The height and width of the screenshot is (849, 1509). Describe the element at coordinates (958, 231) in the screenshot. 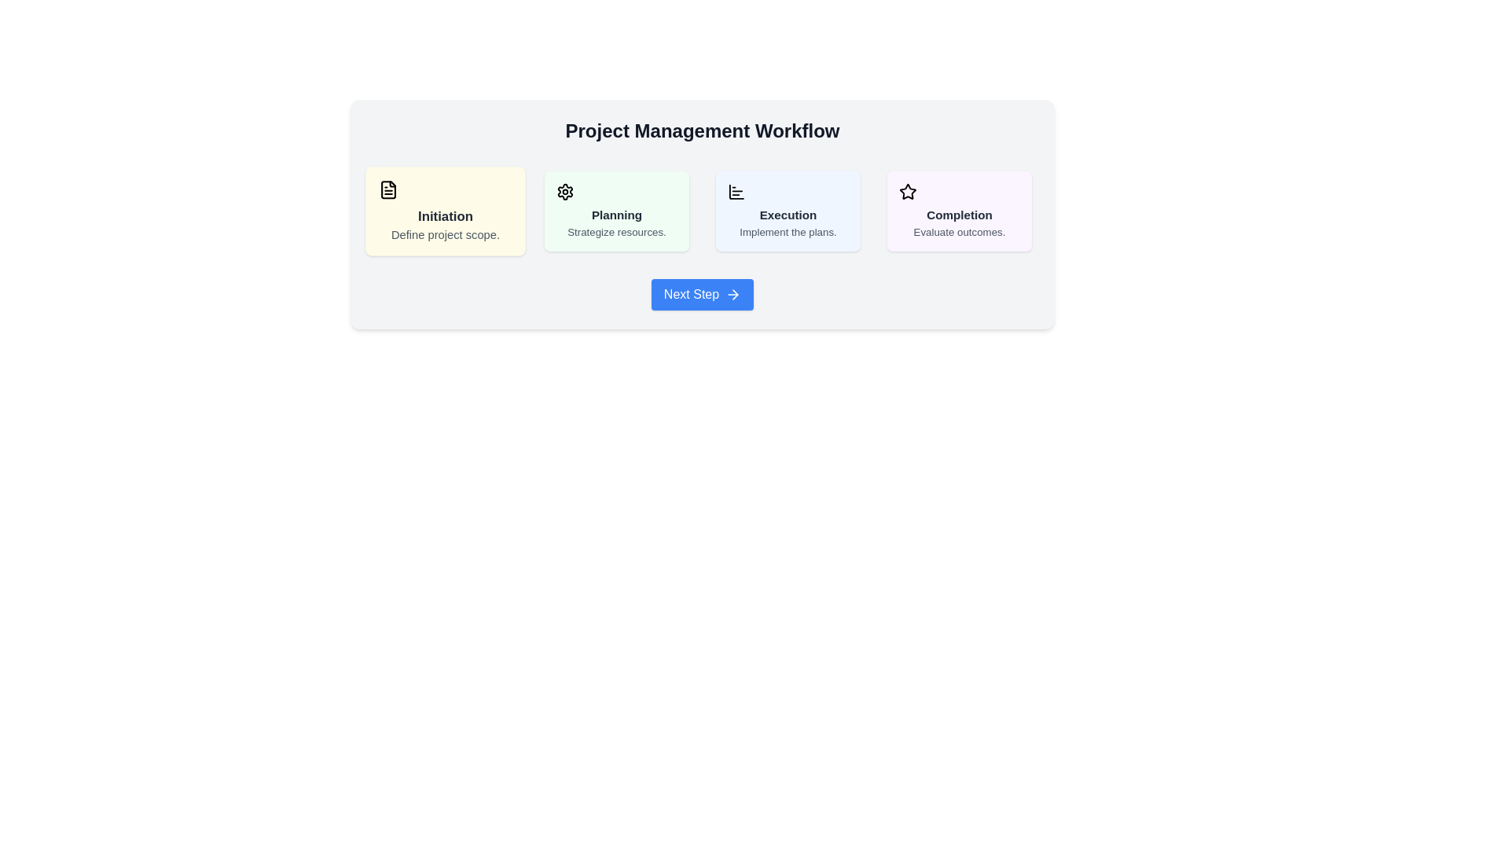

I see `the descriptive text label located below the title 'Completion' in the fourth card from the left in the row of cards` at that location.